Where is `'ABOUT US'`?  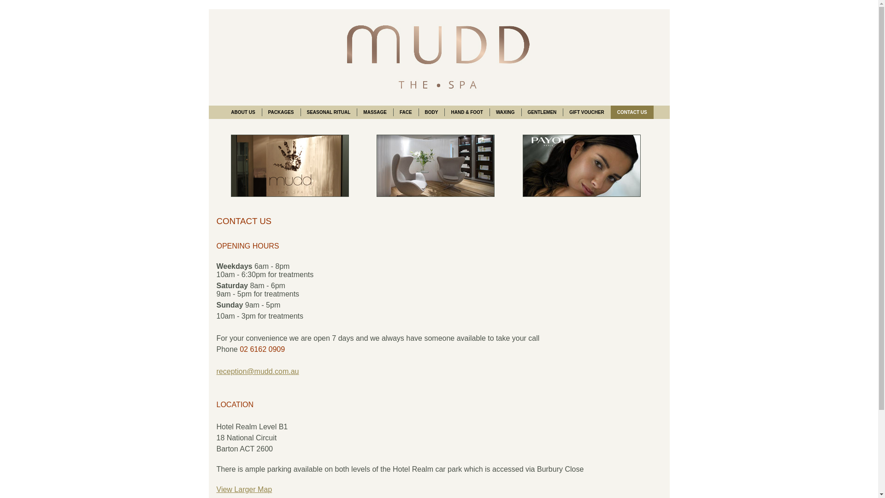 'ABOUT US' is located at coordinates (243, 112).